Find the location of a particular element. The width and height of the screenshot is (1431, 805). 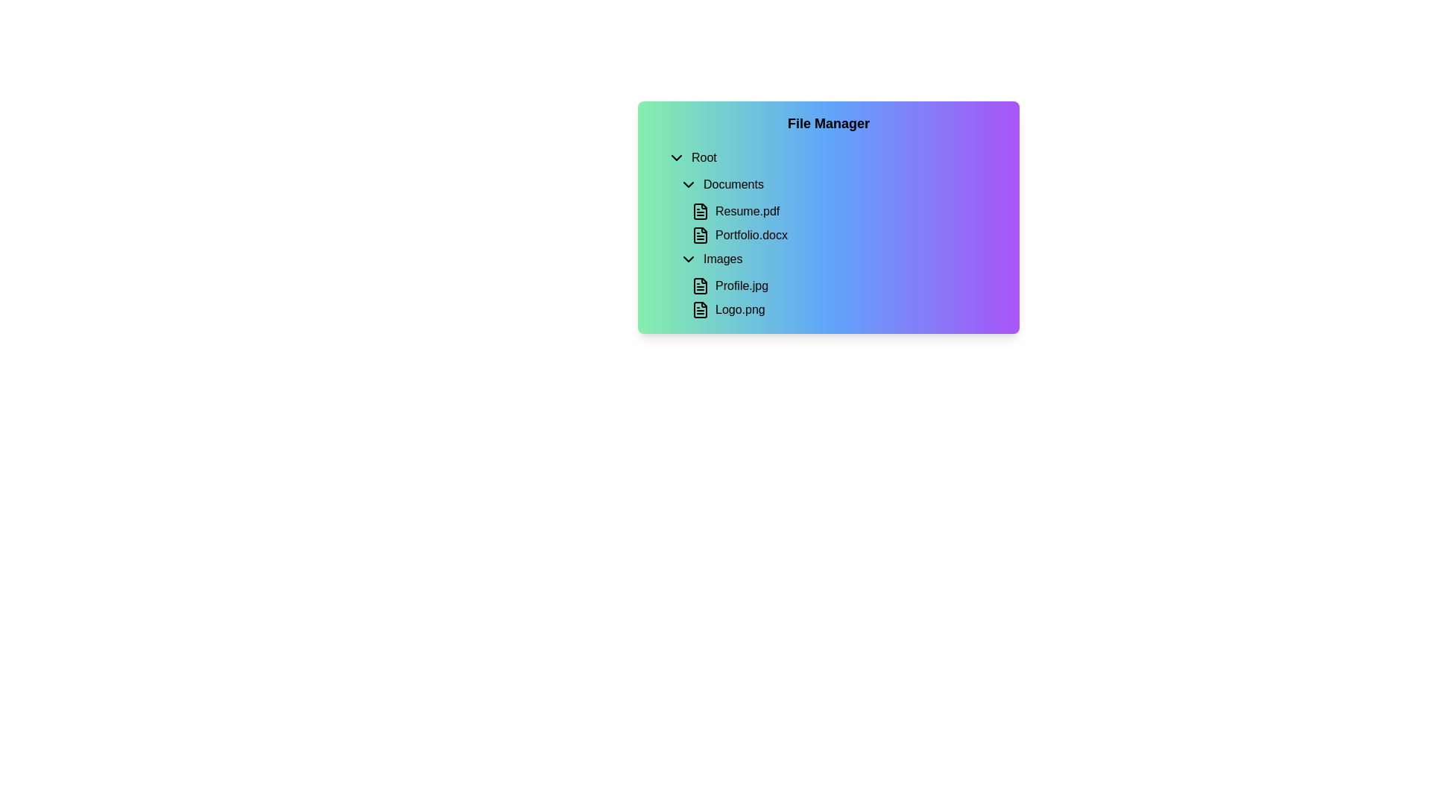

the 'Documents' button in the collapsible file navigation menu is located at coordinates (841, 183).